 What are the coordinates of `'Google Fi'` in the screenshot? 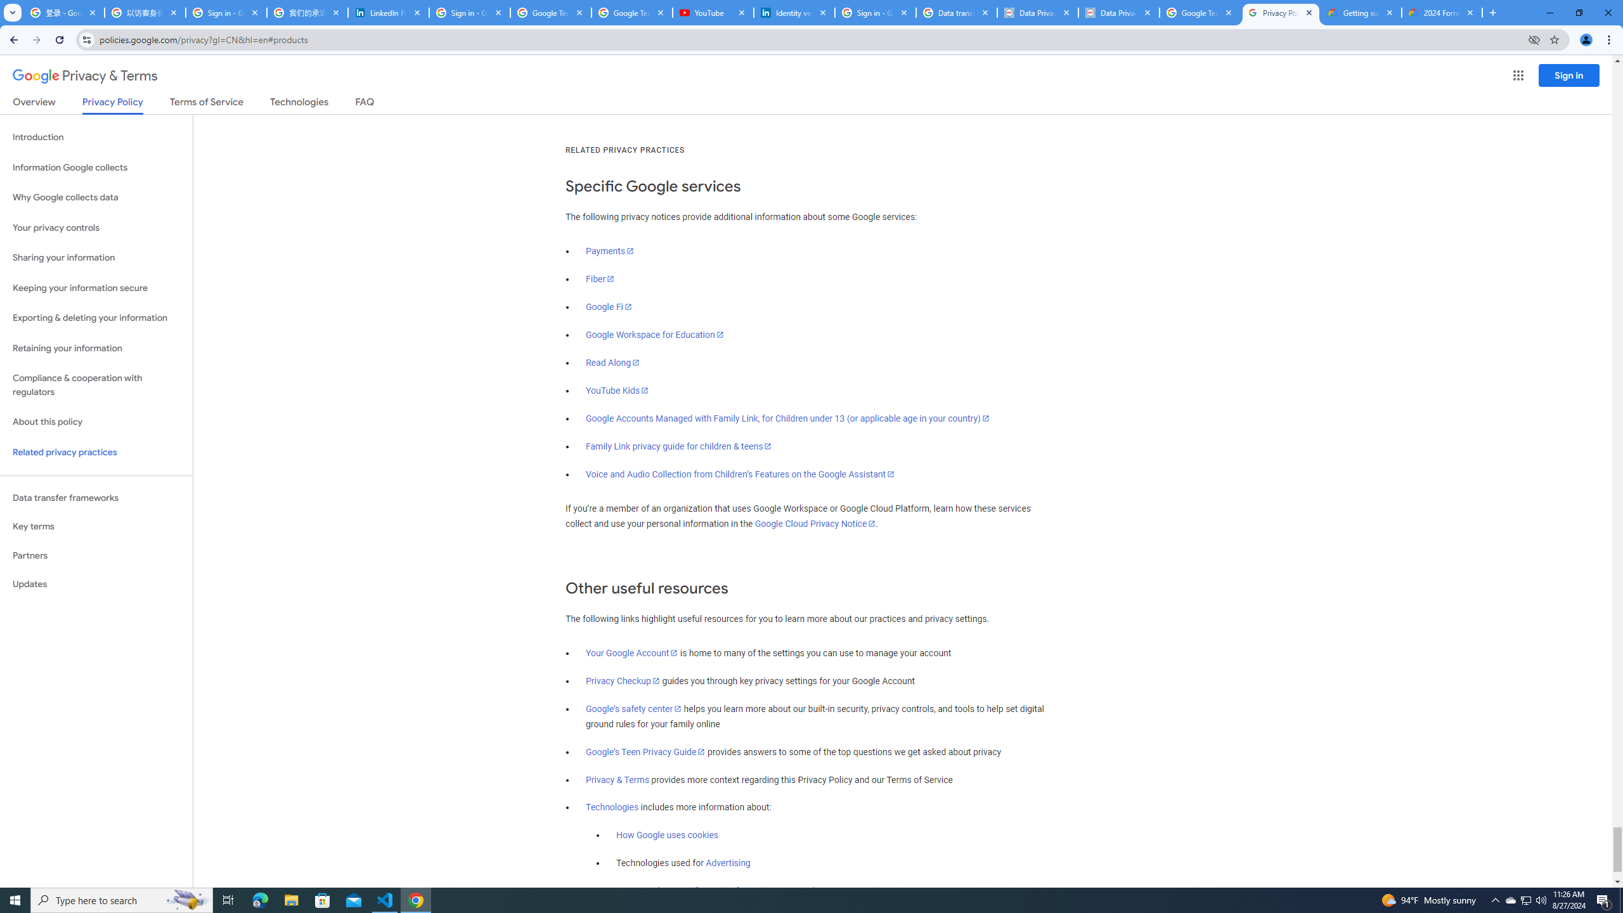 It's located at (608, 306).